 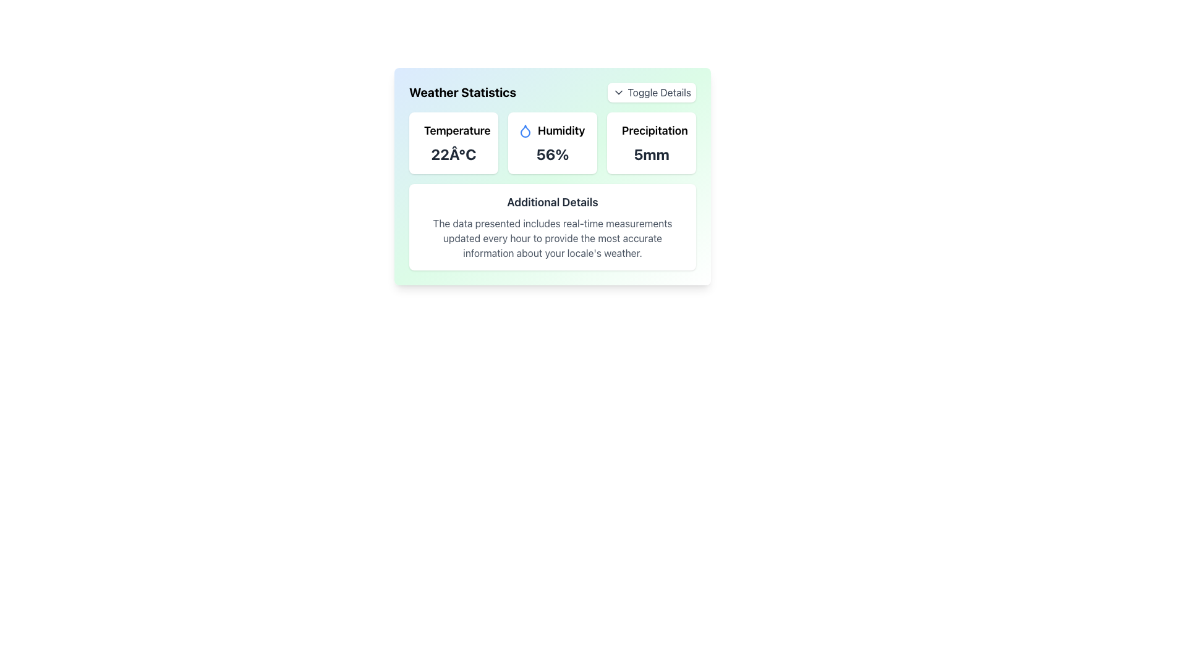 What do you see at coordinates (551, 191) in the screenshot?
I see `the 'Additional Details' informational text section which presents real-time weather data updates` at bounding box center [551, 191].